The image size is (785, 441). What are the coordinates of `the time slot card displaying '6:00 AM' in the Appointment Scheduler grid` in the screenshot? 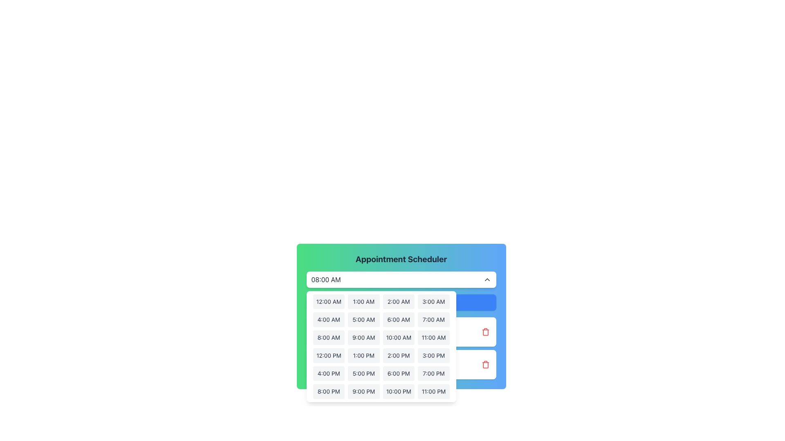 It's located at (401, 316).